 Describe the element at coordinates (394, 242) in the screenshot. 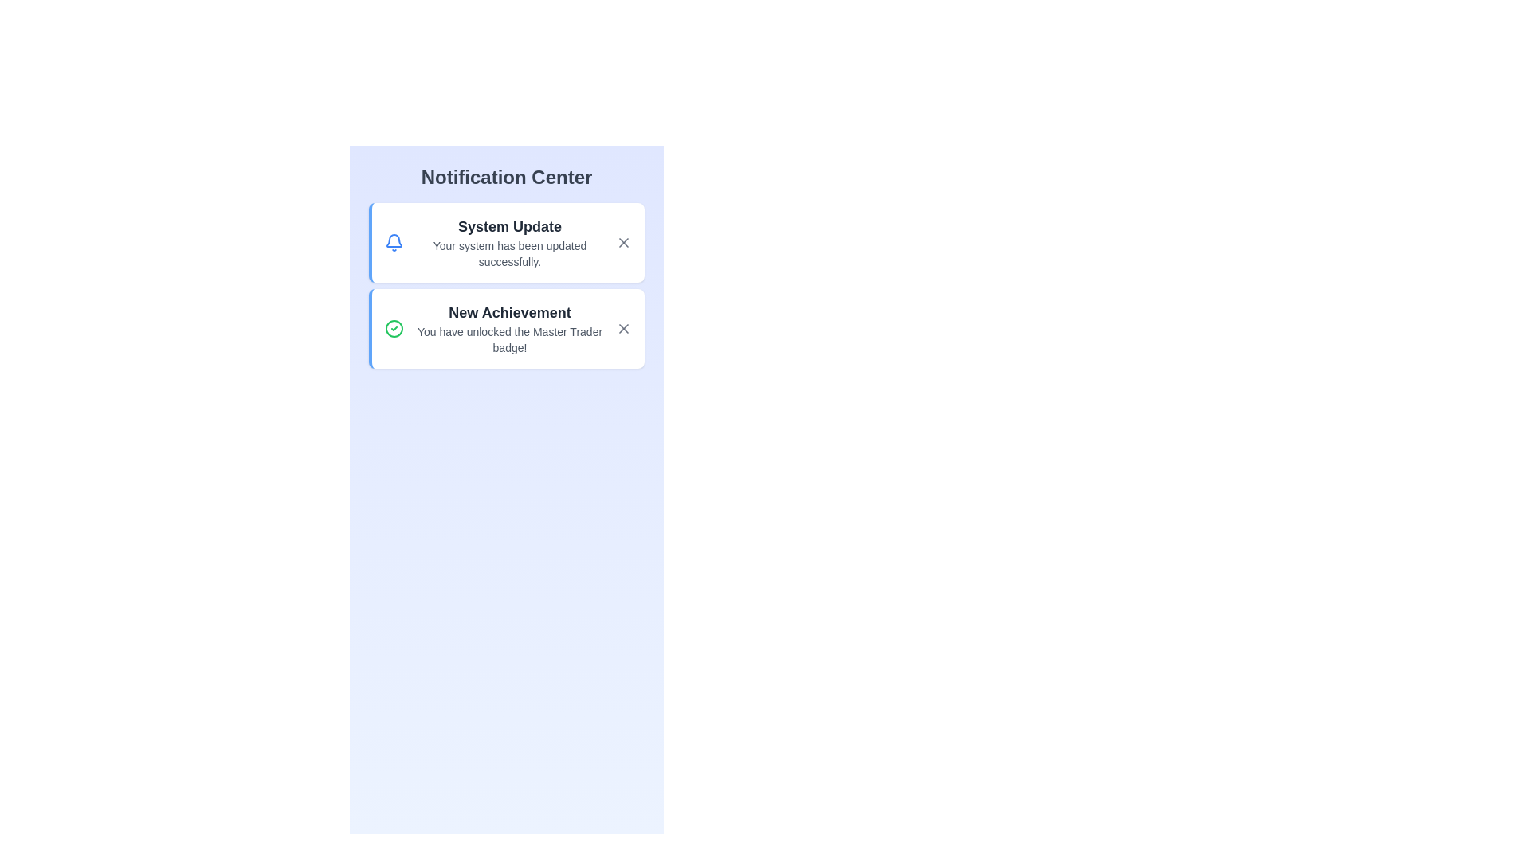

I see `the notification icon located in the upper left corner of the notification card, adjacent to the text 'System Update'` at that location.